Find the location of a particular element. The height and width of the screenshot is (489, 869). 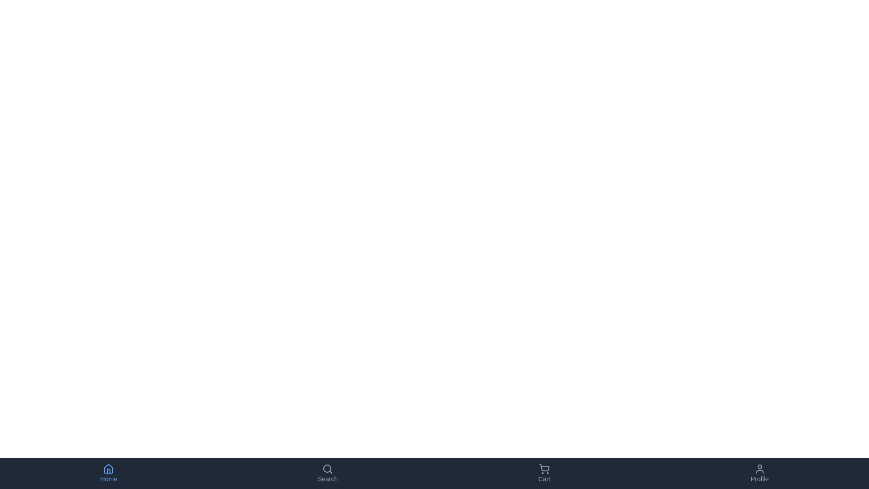

the 'Search' button in the bottom navigation bar is located at coordinates (327, 473).